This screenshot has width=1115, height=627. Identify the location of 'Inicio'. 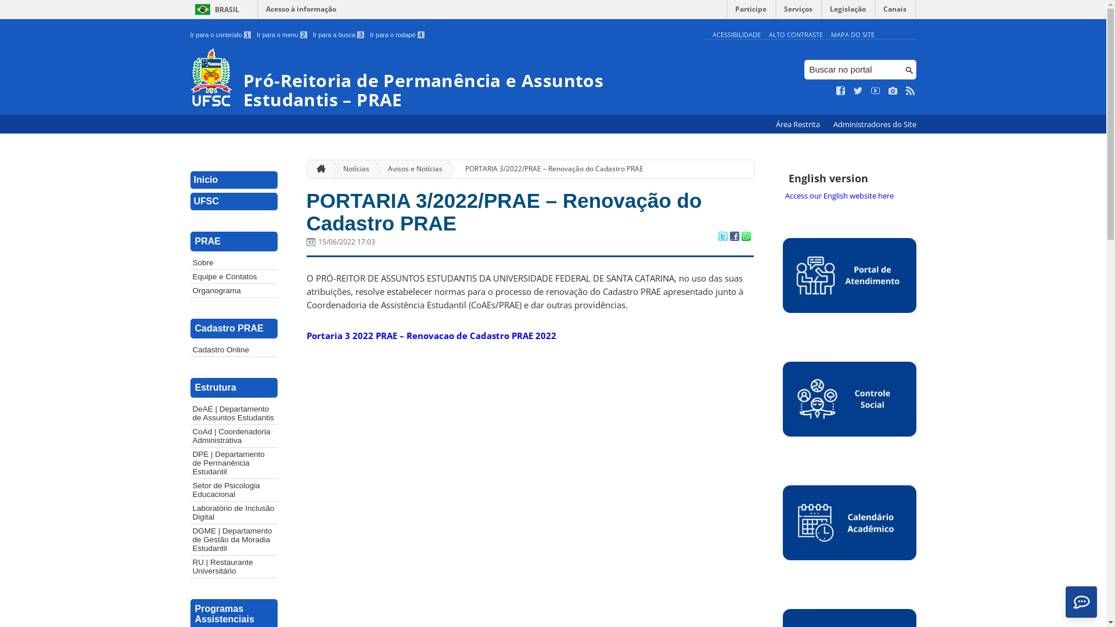
(233, 180).